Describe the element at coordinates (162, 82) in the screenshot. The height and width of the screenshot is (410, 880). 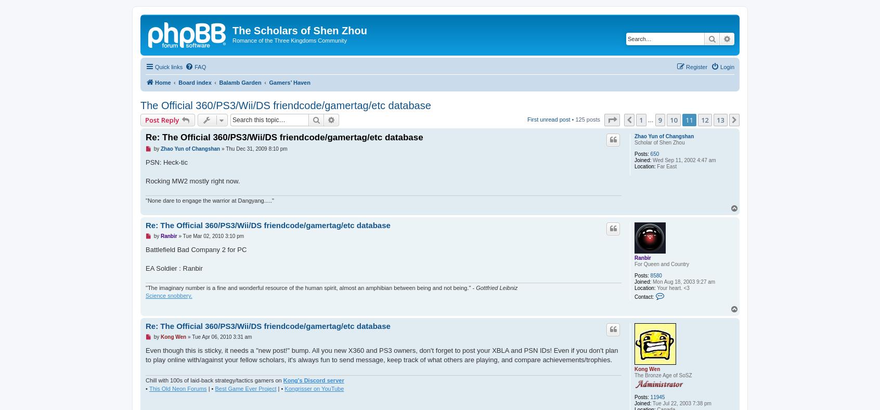
I see `'Home'` at that location.